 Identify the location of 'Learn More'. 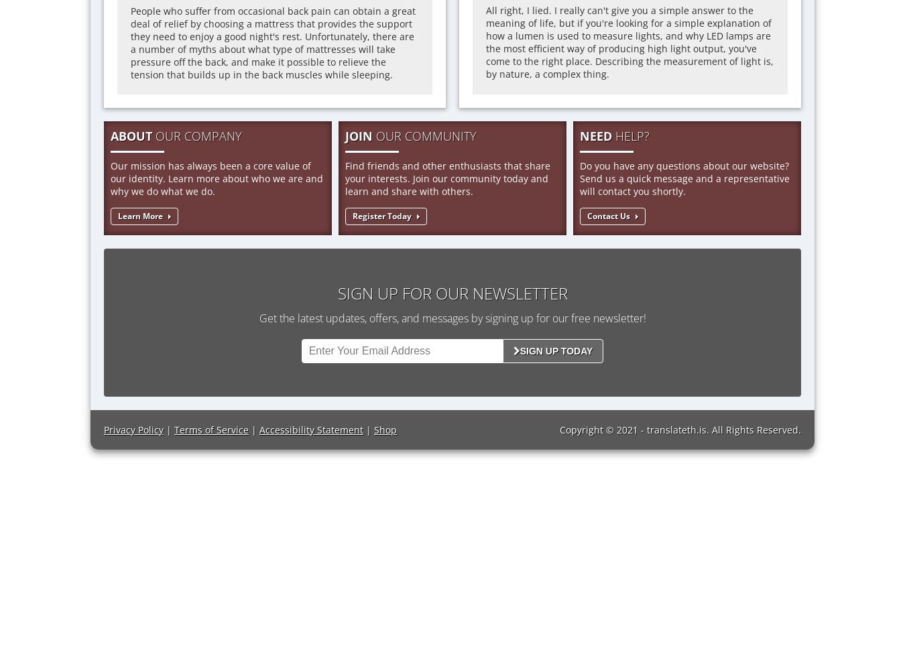
(118, 216).